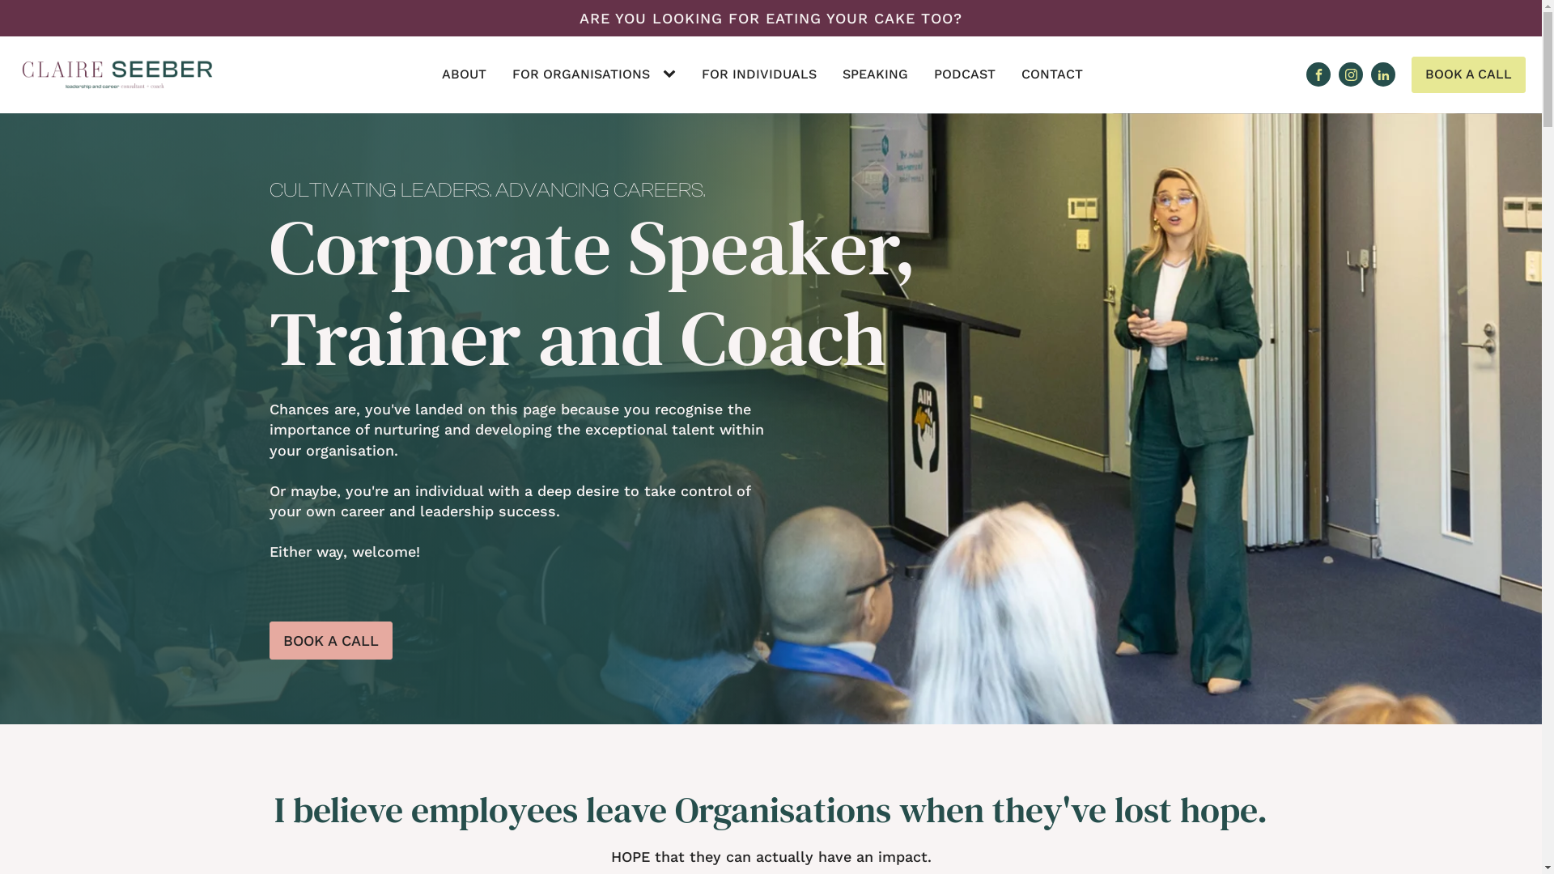 The image size is (1554, 874). Describe the element at coordinates (463, 74) in the screenshot. I see `'ABOUT'` at that location.